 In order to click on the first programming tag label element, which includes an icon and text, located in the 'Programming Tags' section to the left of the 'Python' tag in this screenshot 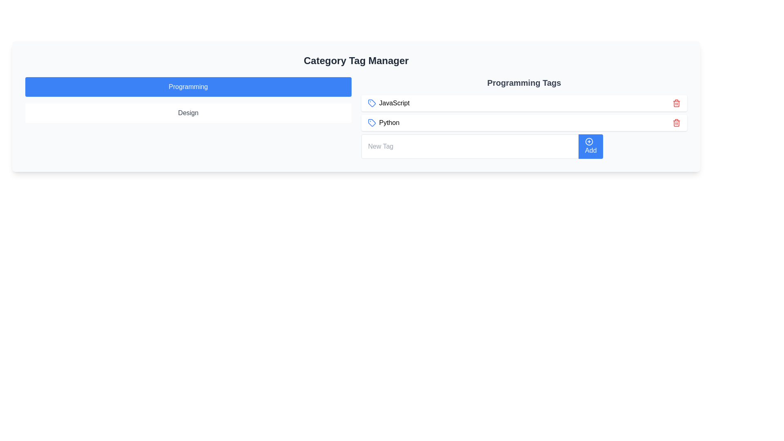, I will do `click(388, 103)`.